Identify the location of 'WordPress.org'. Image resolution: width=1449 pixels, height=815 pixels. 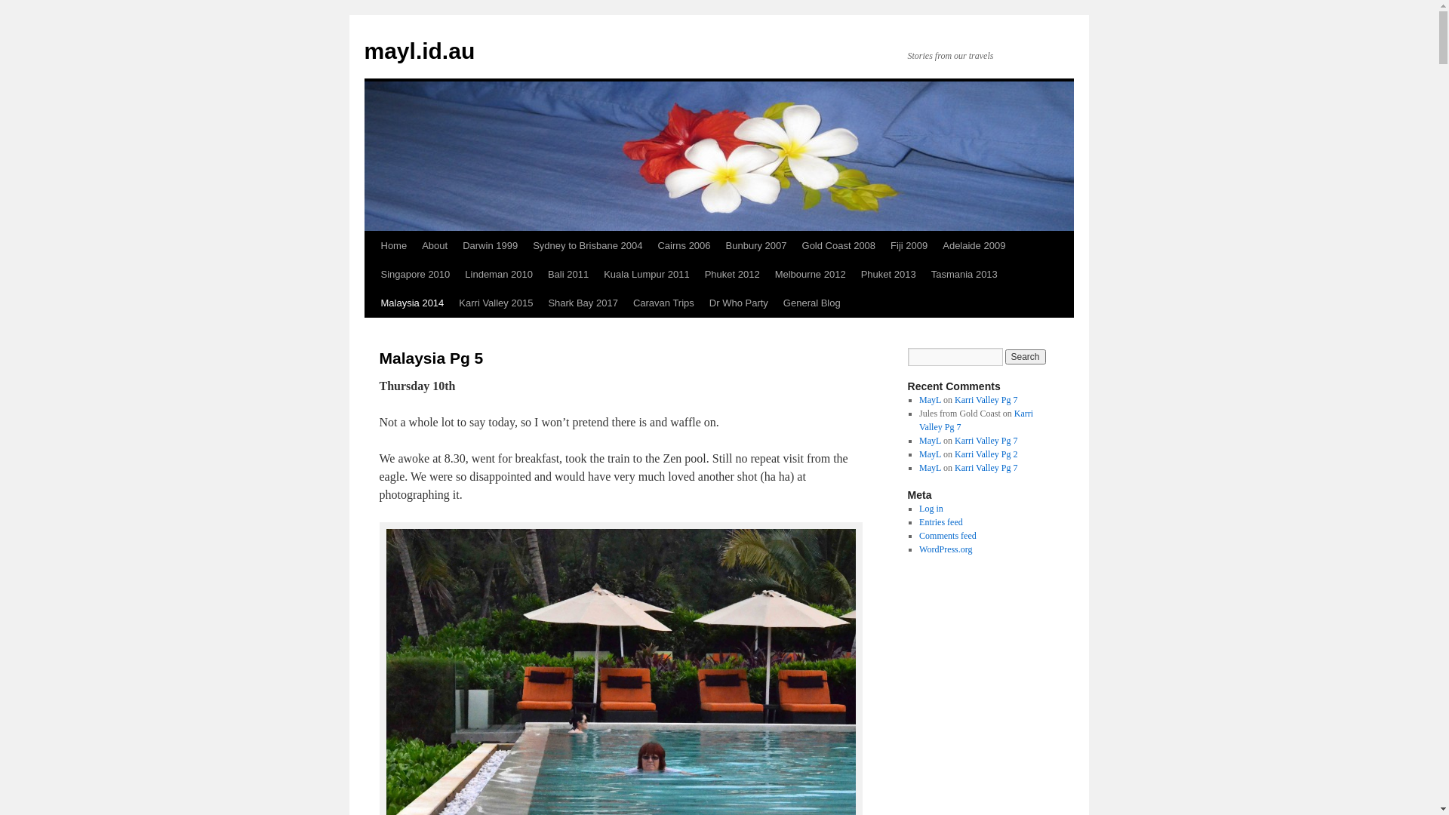
(918, 549).